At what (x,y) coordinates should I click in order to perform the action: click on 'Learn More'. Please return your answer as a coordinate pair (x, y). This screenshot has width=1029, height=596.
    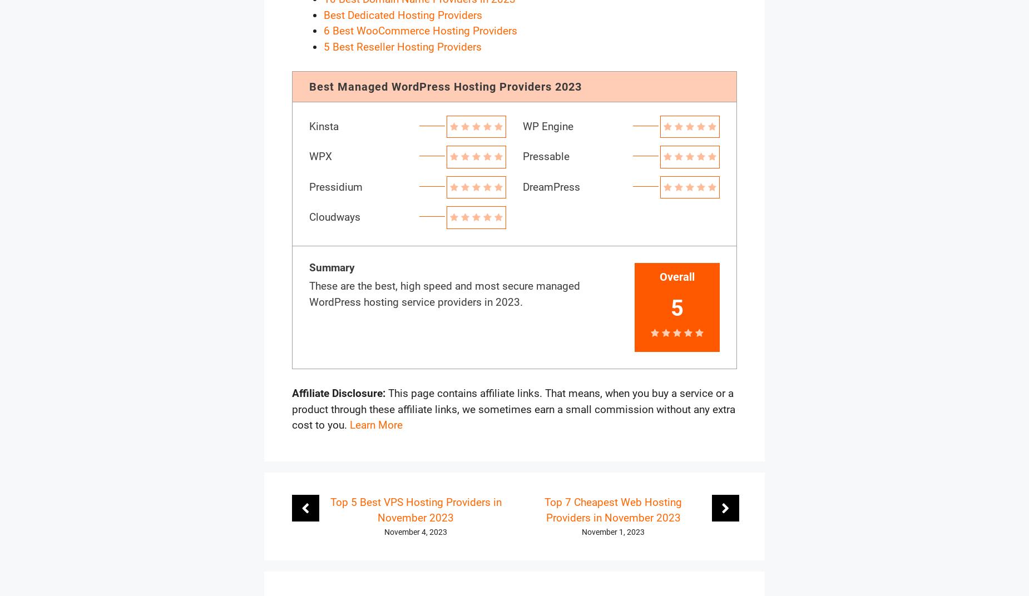
    Looking at the image, I should click on (376, 425).